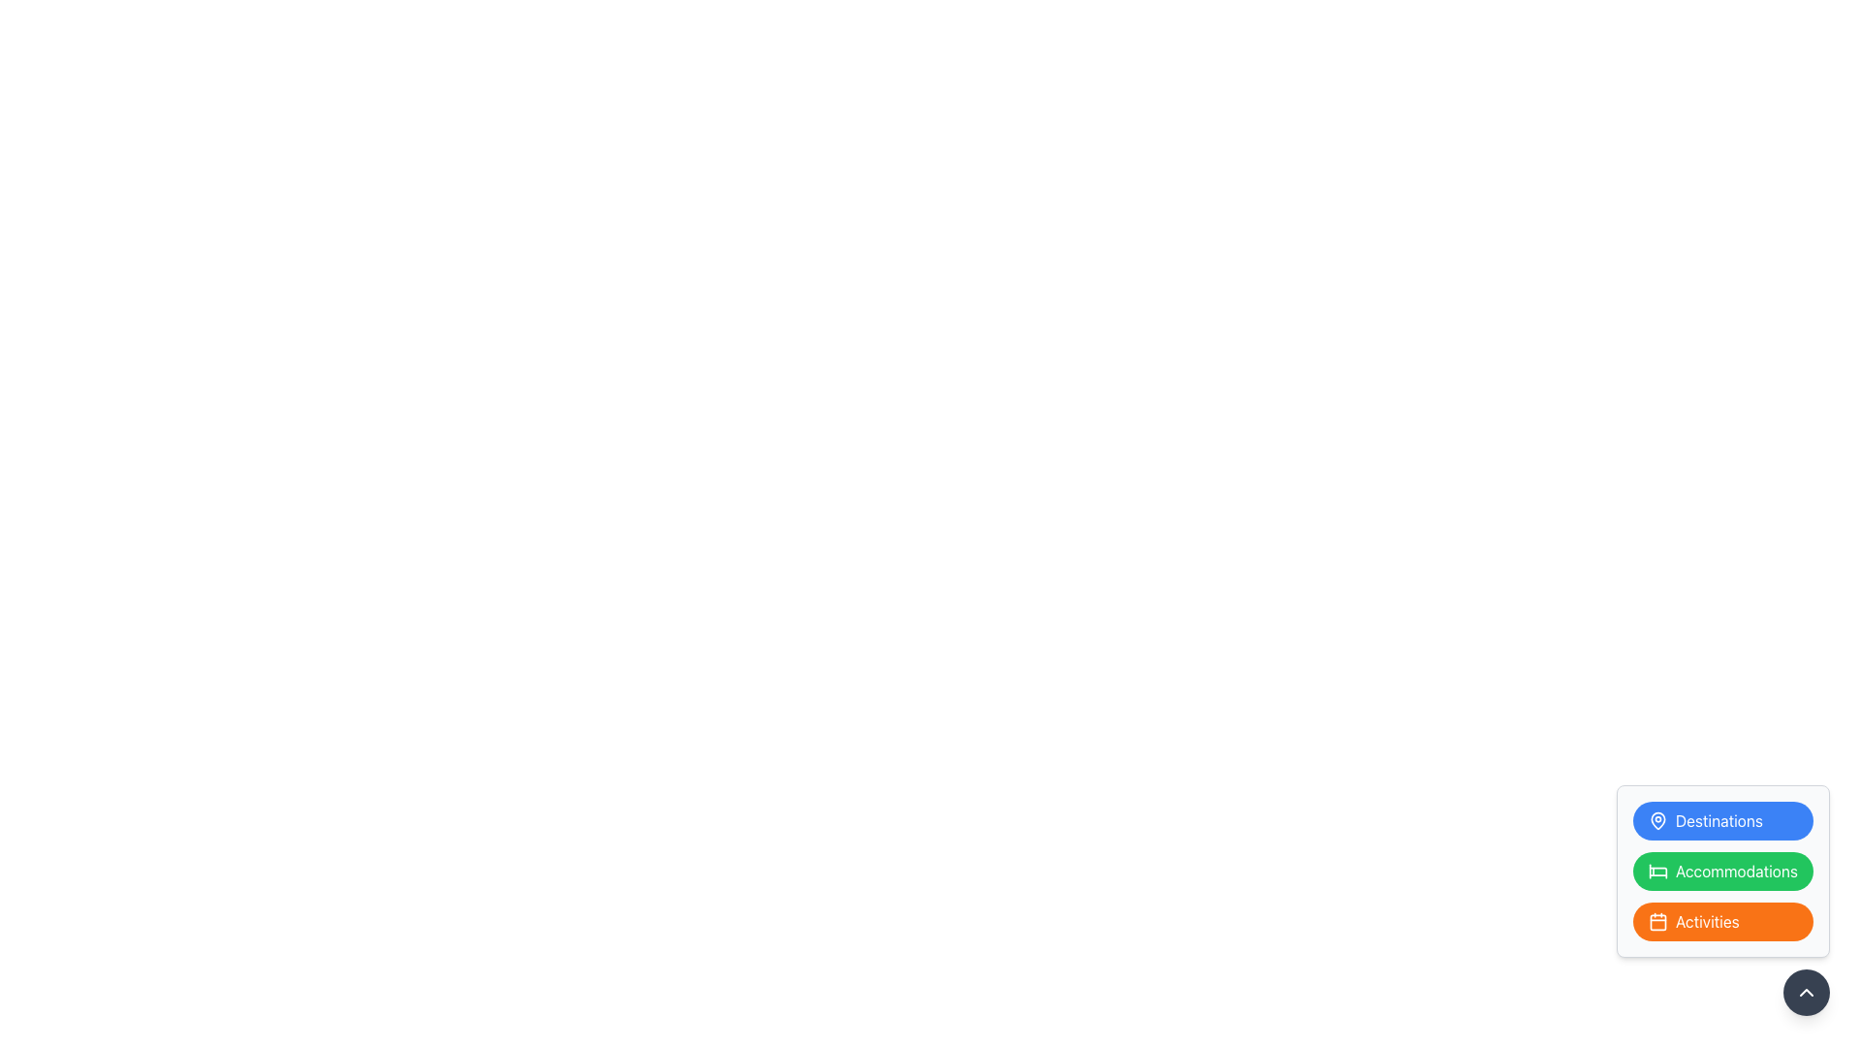 The image size is (1861, 1047). What do you see at coordinates (1656, 821) in the screenshot?
I see `the map pin icon located next to the 'Destinations' text within the blue rounded rectangular button` at bounding box center [1656, 821].